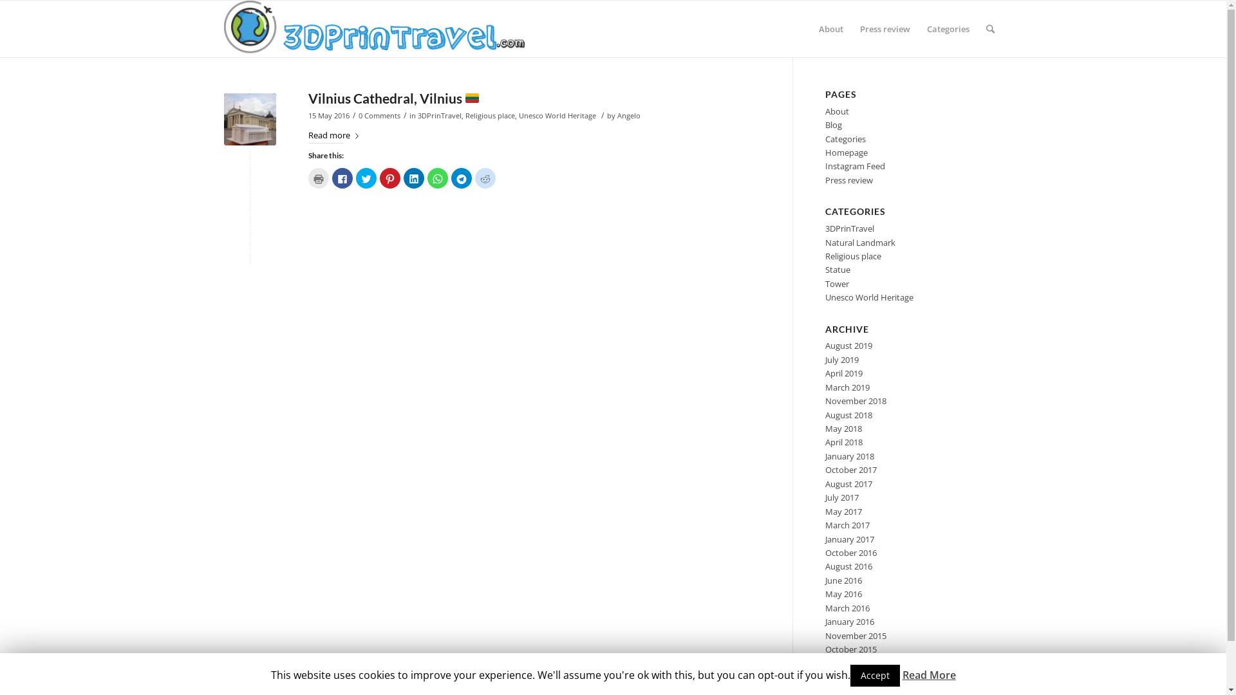 This screenshot has height=695, width=1236. Describe the element at coordinates (837, 283) in the screenshot. I see `'Tower'` at that location.